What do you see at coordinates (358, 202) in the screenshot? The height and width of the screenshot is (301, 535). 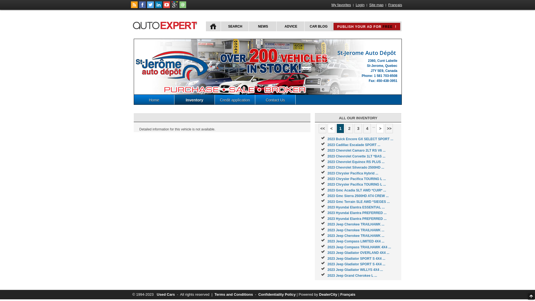 I see `'2023 Gmc Terrain SLE AWD *SIEGES ...'` at bounding box center [358, 202].